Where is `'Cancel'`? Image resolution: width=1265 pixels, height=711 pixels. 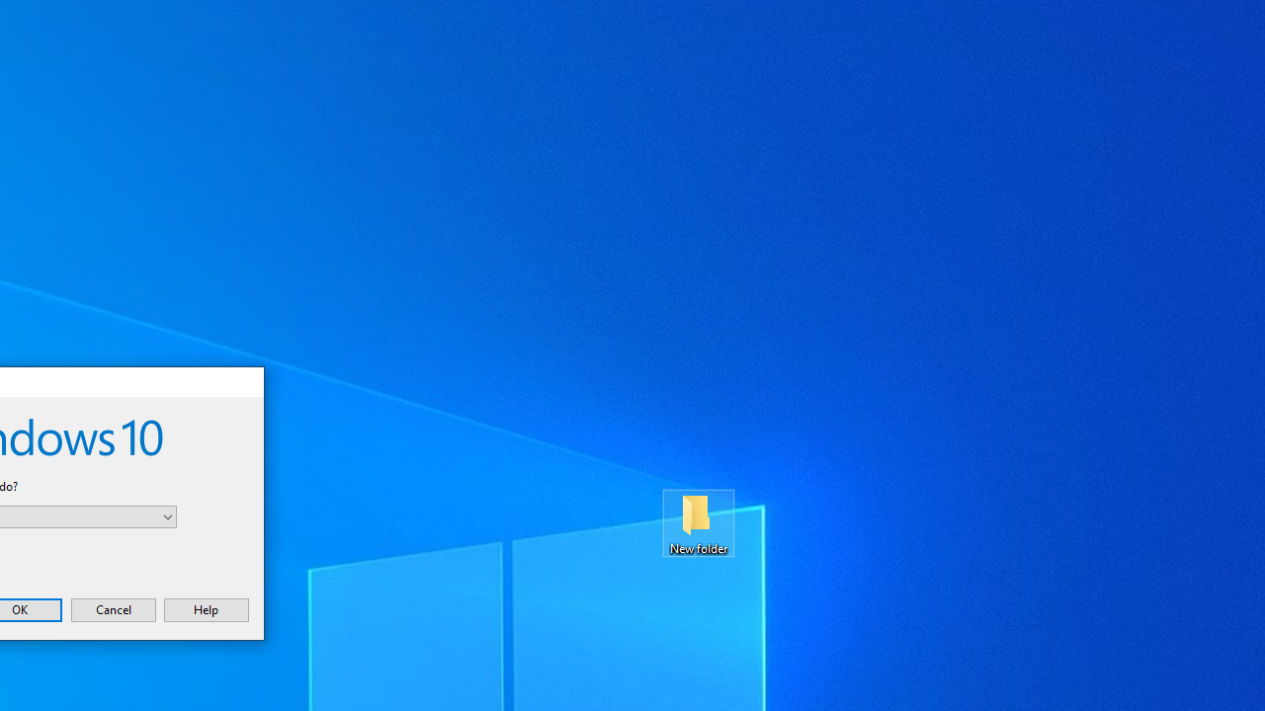
'Cancel' is located at coordinates (112, 608).